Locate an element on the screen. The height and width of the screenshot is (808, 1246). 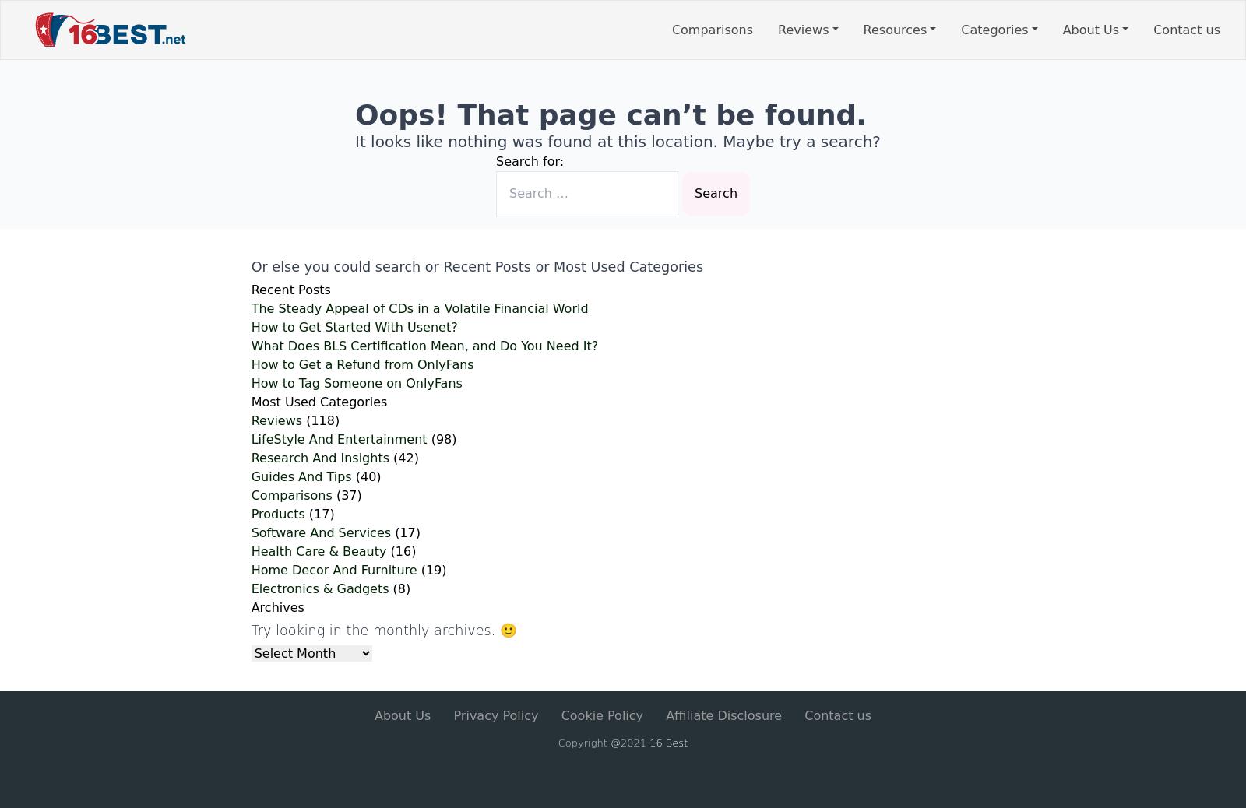
'What Does BLS Certification Mean, and Do You Need It?' is located at coordinates (423, 346).